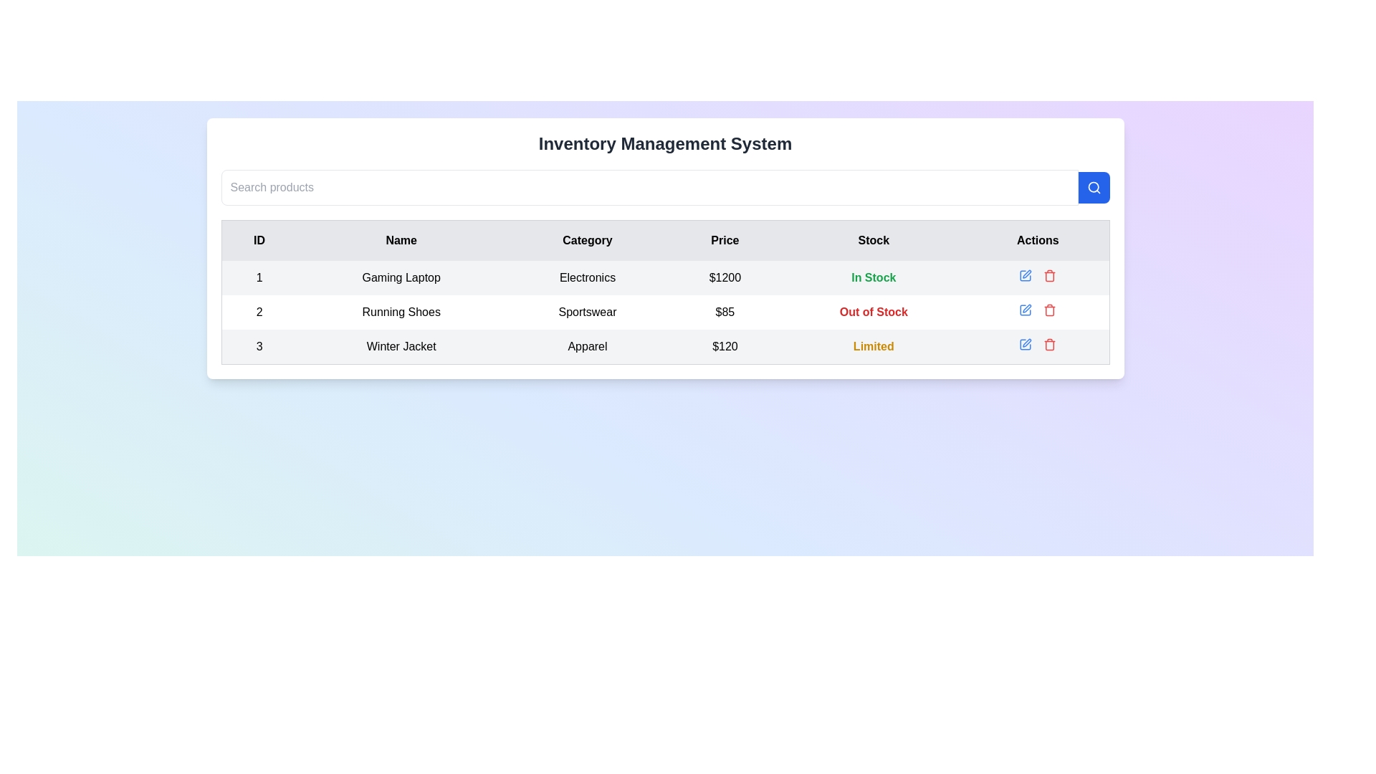 Image resolution: width=1376 pixels, height=774 pixels. Describe the element at coordinates (725, 347) in the screenshot. I see `the static text label displaying the price '$120' for the 'Winter Jacket' in the 'Price' column of the table, which is the fourth element among its siblings` at that location.